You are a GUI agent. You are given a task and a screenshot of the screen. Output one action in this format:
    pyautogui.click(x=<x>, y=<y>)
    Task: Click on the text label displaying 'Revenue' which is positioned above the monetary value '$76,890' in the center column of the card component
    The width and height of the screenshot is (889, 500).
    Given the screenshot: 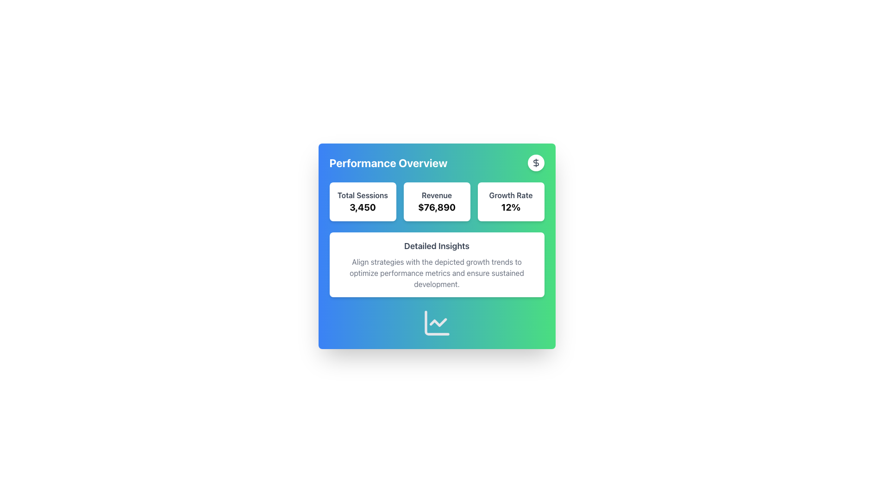 What is the action you would take?
    pyautogui.click(x=436, y=194)
    